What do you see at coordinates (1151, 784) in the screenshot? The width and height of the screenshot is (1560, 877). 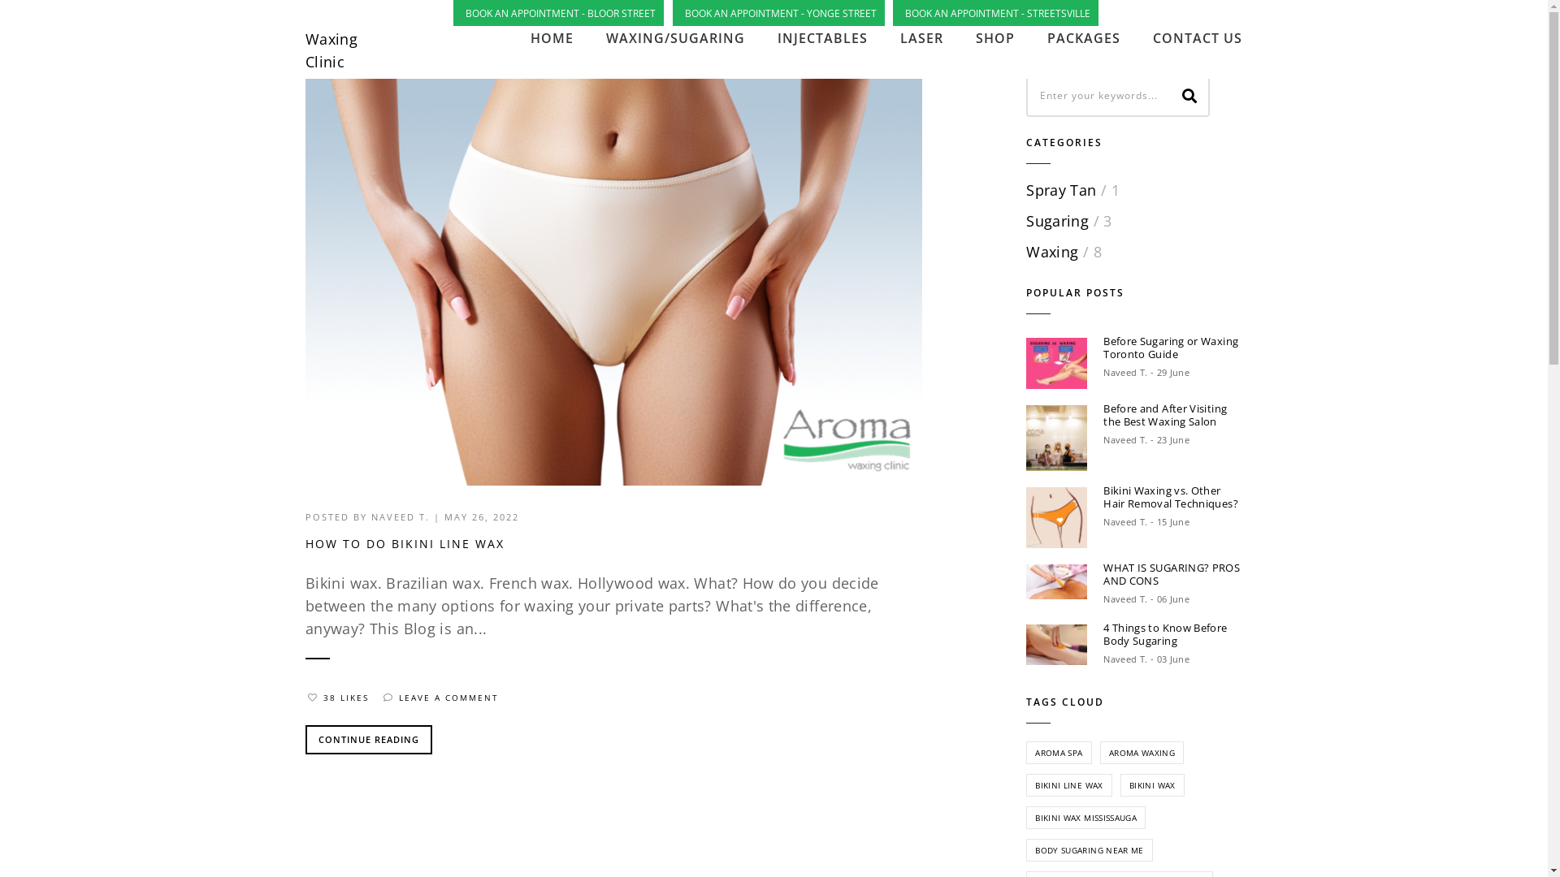 I see `'BIKINI WAX'` at bounding box center [1151, 784].